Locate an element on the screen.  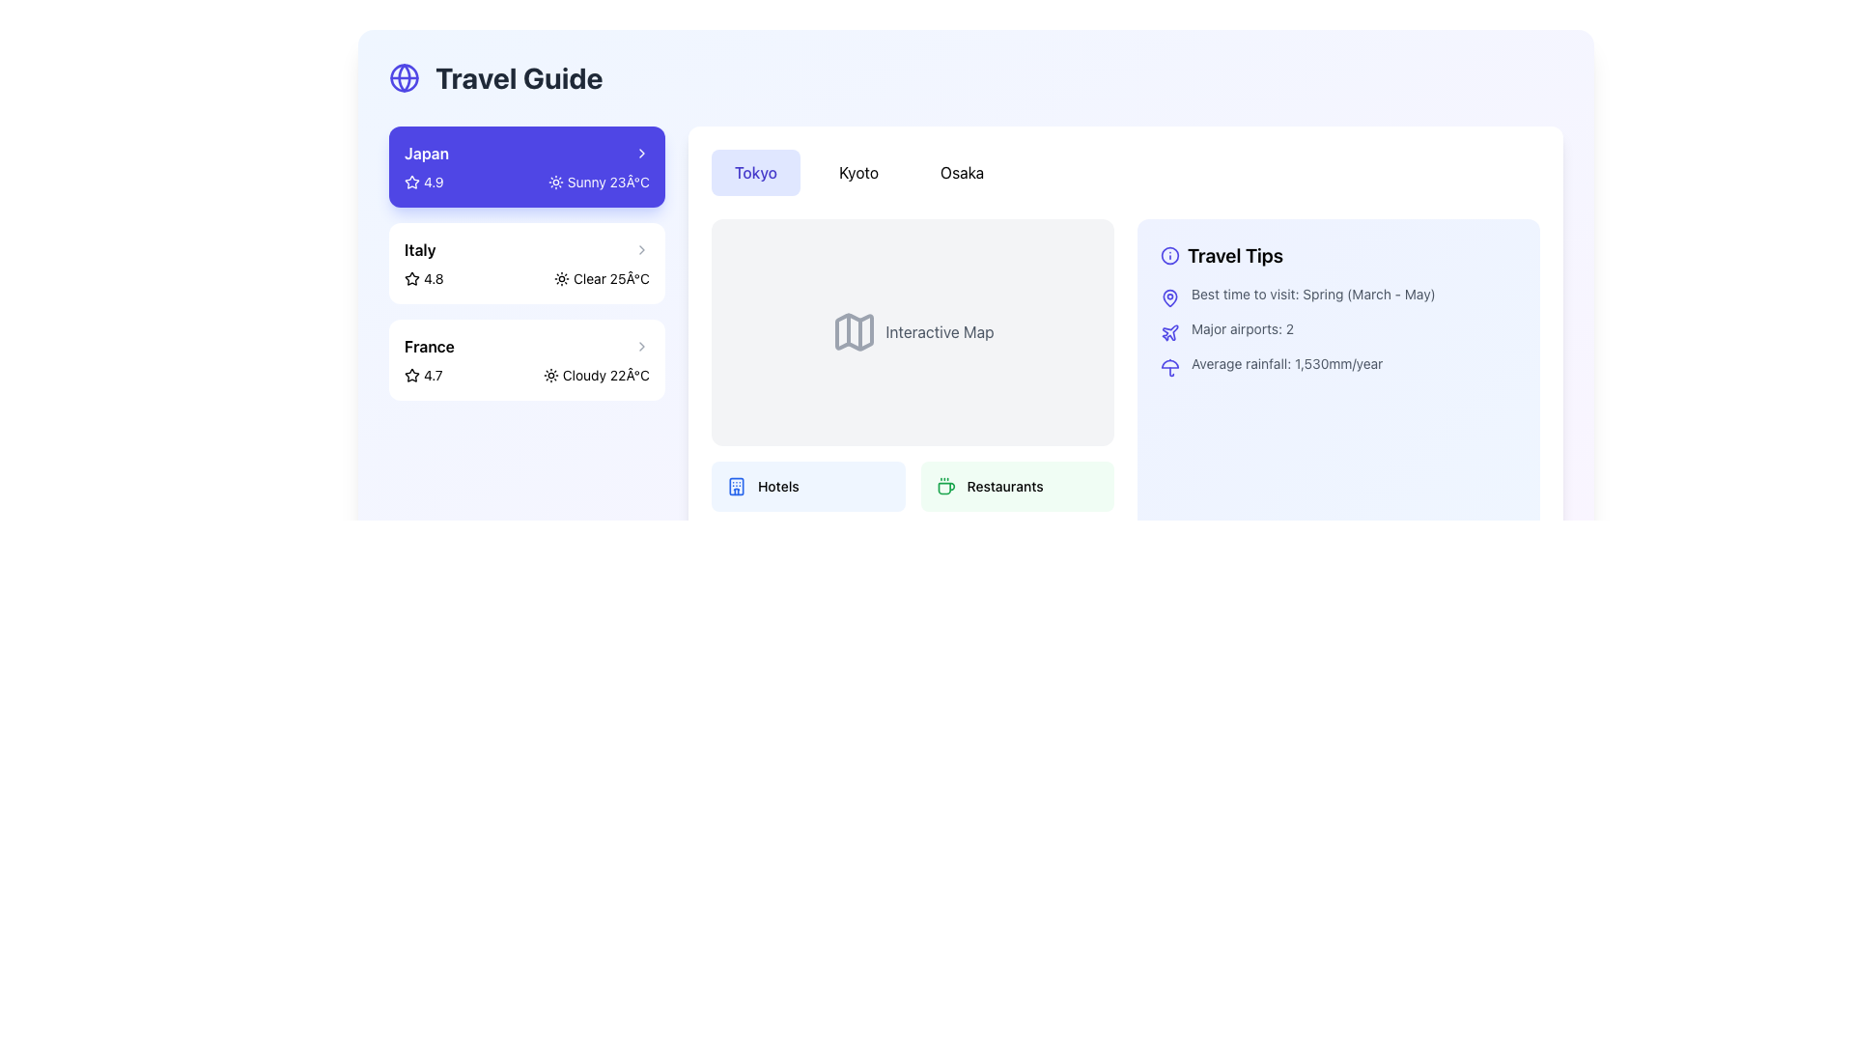
the travel icon located in the 'Travel Tips' section to enhance user understanding of related content is located at coordinates (1169, 331).